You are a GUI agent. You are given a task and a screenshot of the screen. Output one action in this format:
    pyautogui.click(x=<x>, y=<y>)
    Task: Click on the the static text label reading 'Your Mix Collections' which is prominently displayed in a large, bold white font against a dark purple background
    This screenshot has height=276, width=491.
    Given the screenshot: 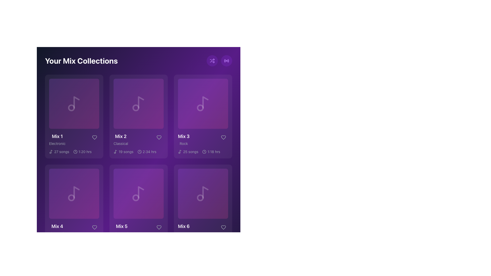 What is the action you would take?
    pyautogui.click(x=81, y=61)
    